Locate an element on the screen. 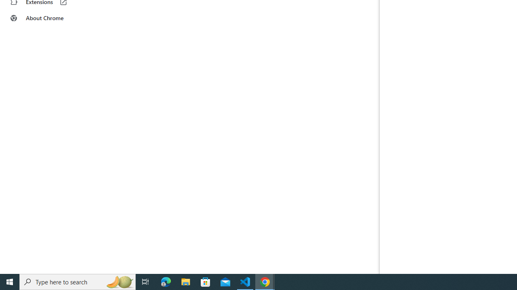 The height and width of the screenshot is (290, 517). 'Task View' is located at coordinates (145, 281).